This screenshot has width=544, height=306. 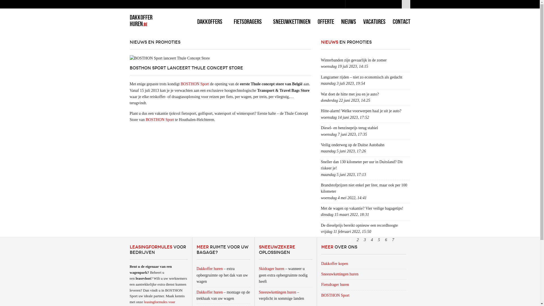 I want to click on 'Overslaan en naar de inhoud gaan', so click(x=27, y=0).